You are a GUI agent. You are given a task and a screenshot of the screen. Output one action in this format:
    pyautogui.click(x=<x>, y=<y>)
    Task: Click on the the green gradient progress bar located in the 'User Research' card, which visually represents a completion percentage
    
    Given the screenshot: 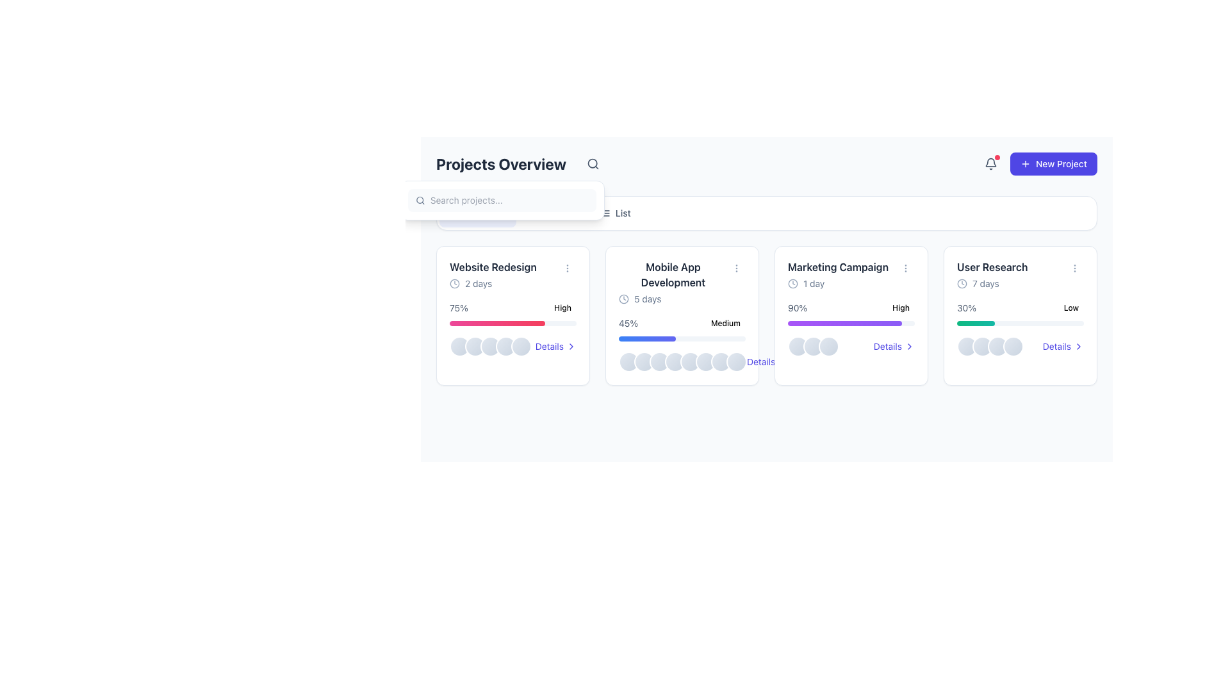 What is the action you would take?
    pyautogui.click(x=975, y=323)
    